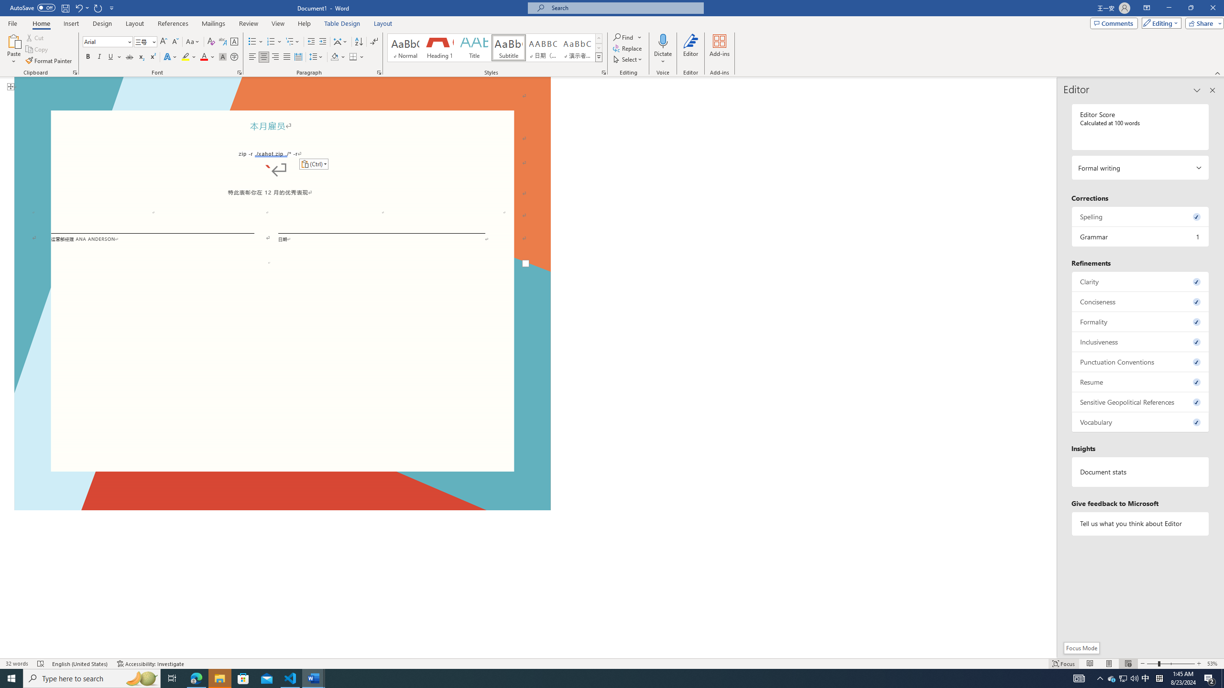  Describe the element at coordinates (81, 7) in the screenshot. I see `'Undo Paste'` at that location.